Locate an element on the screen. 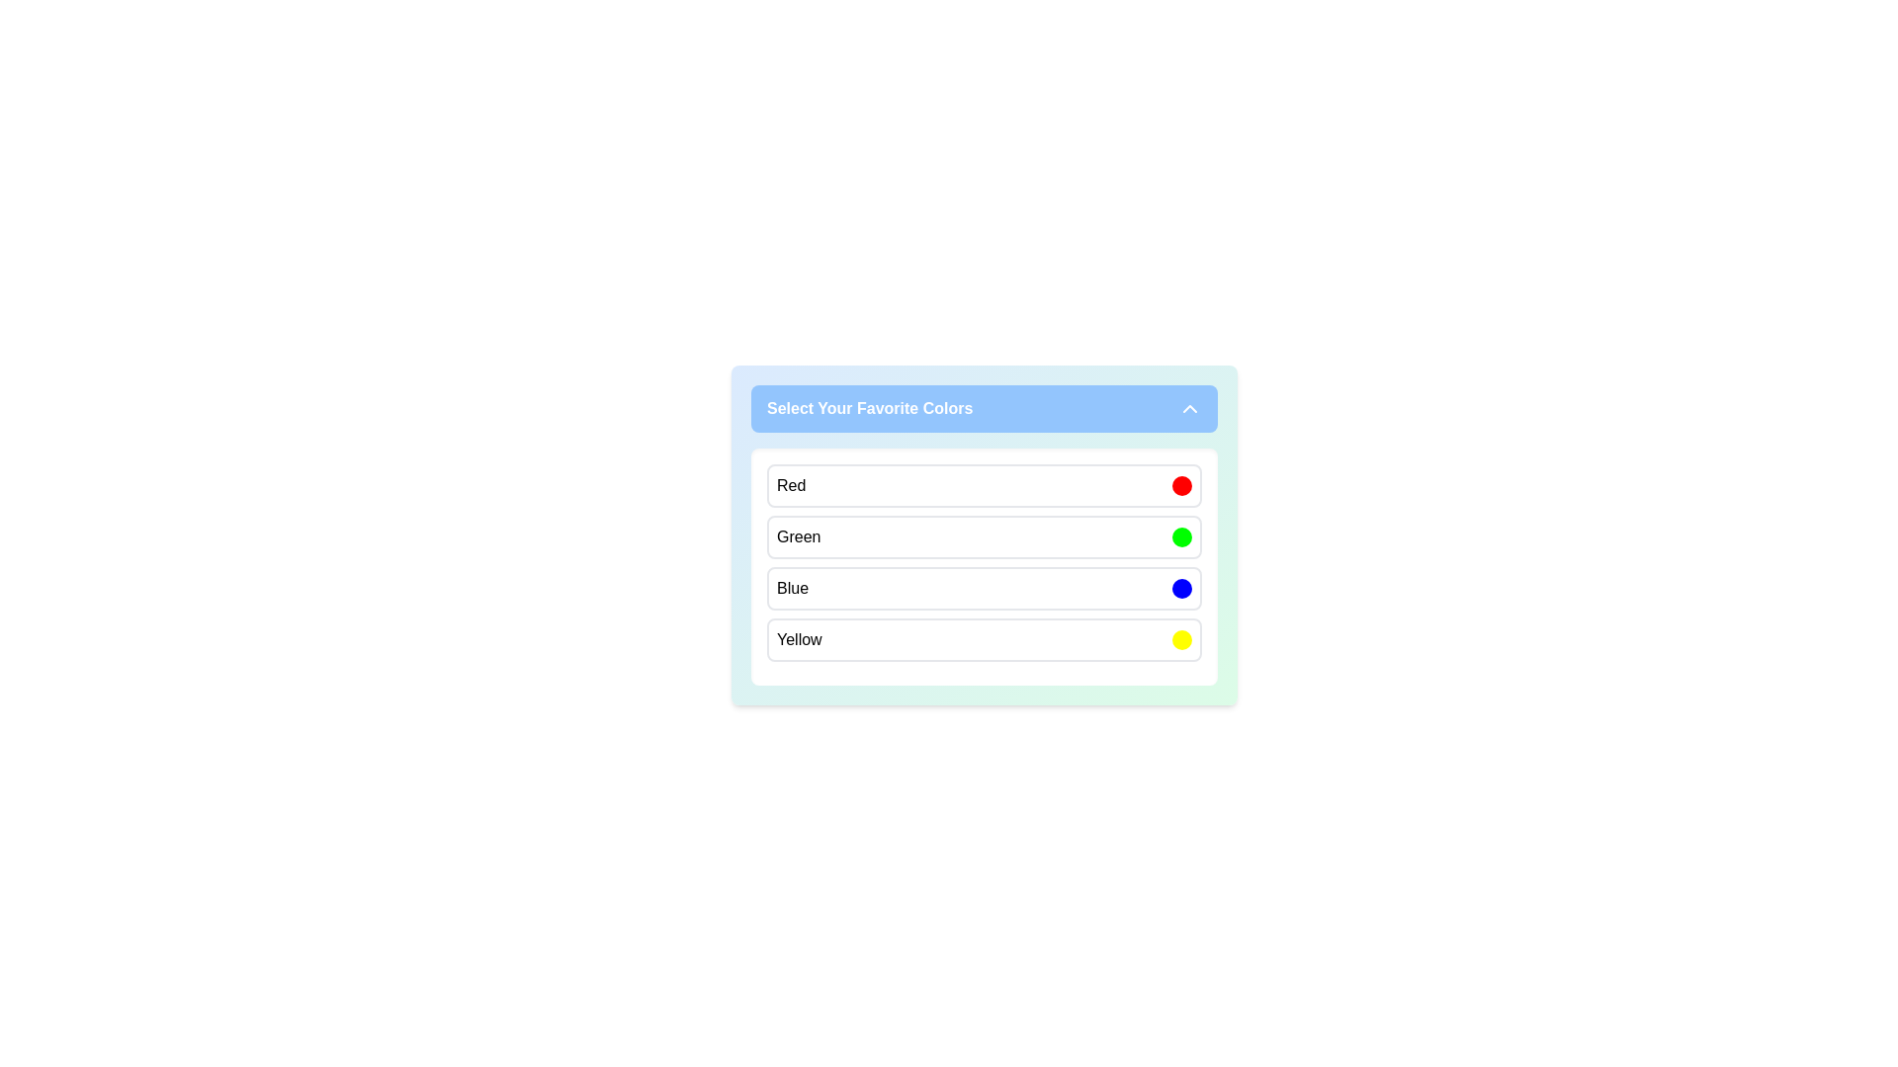  the selectable list item for the color 'Green' located in the second row of the panel labeled 'Select Your Favorite Colors' is located at coordinates (985, 535).